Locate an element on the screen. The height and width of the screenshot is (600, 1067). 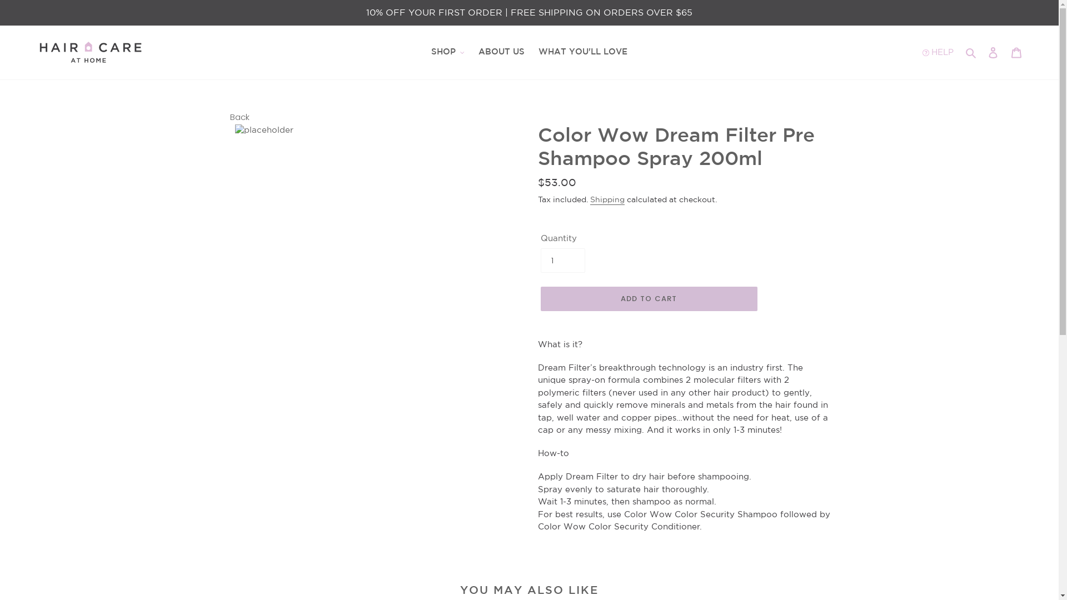
'Log in' is located at coordinates (981, 52).